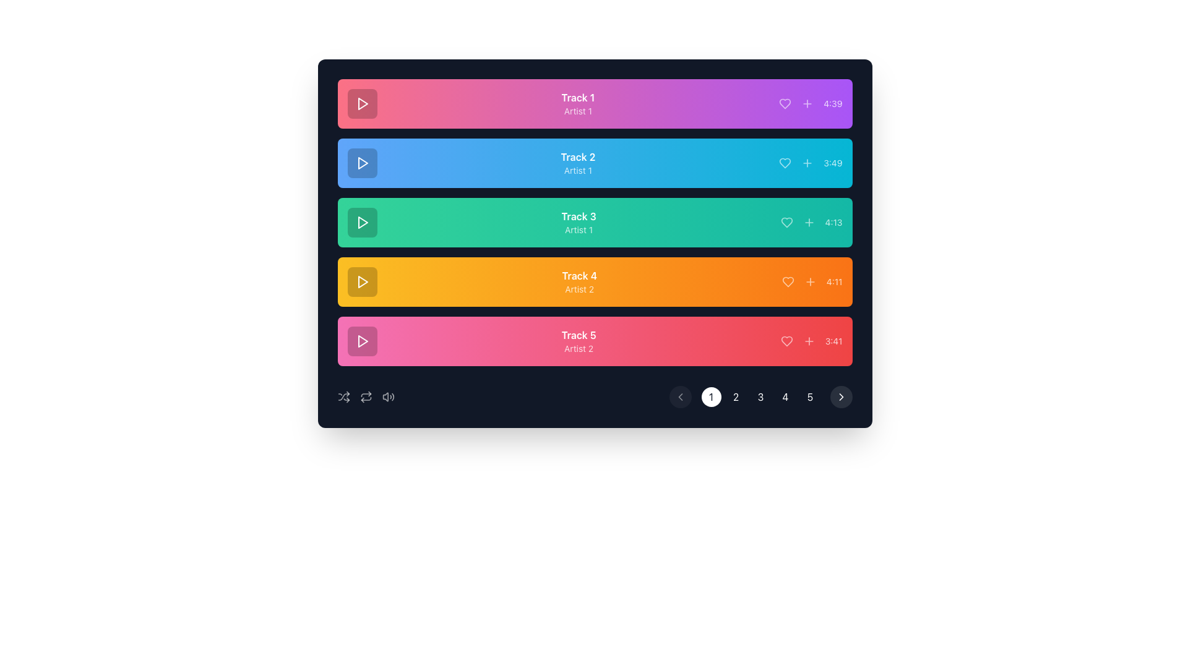  I want to click on the circular button displaying the number '3' in the pagination control to change its background color, so click(760, 396).